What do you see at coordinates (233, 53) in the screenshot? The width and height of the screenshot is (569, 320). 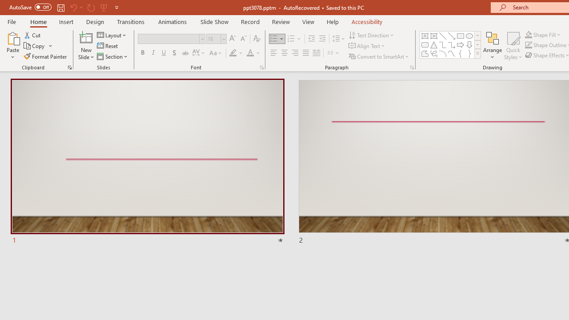 I see `'Text Highlight Color Yellow'` at bounding box center [233, 53].